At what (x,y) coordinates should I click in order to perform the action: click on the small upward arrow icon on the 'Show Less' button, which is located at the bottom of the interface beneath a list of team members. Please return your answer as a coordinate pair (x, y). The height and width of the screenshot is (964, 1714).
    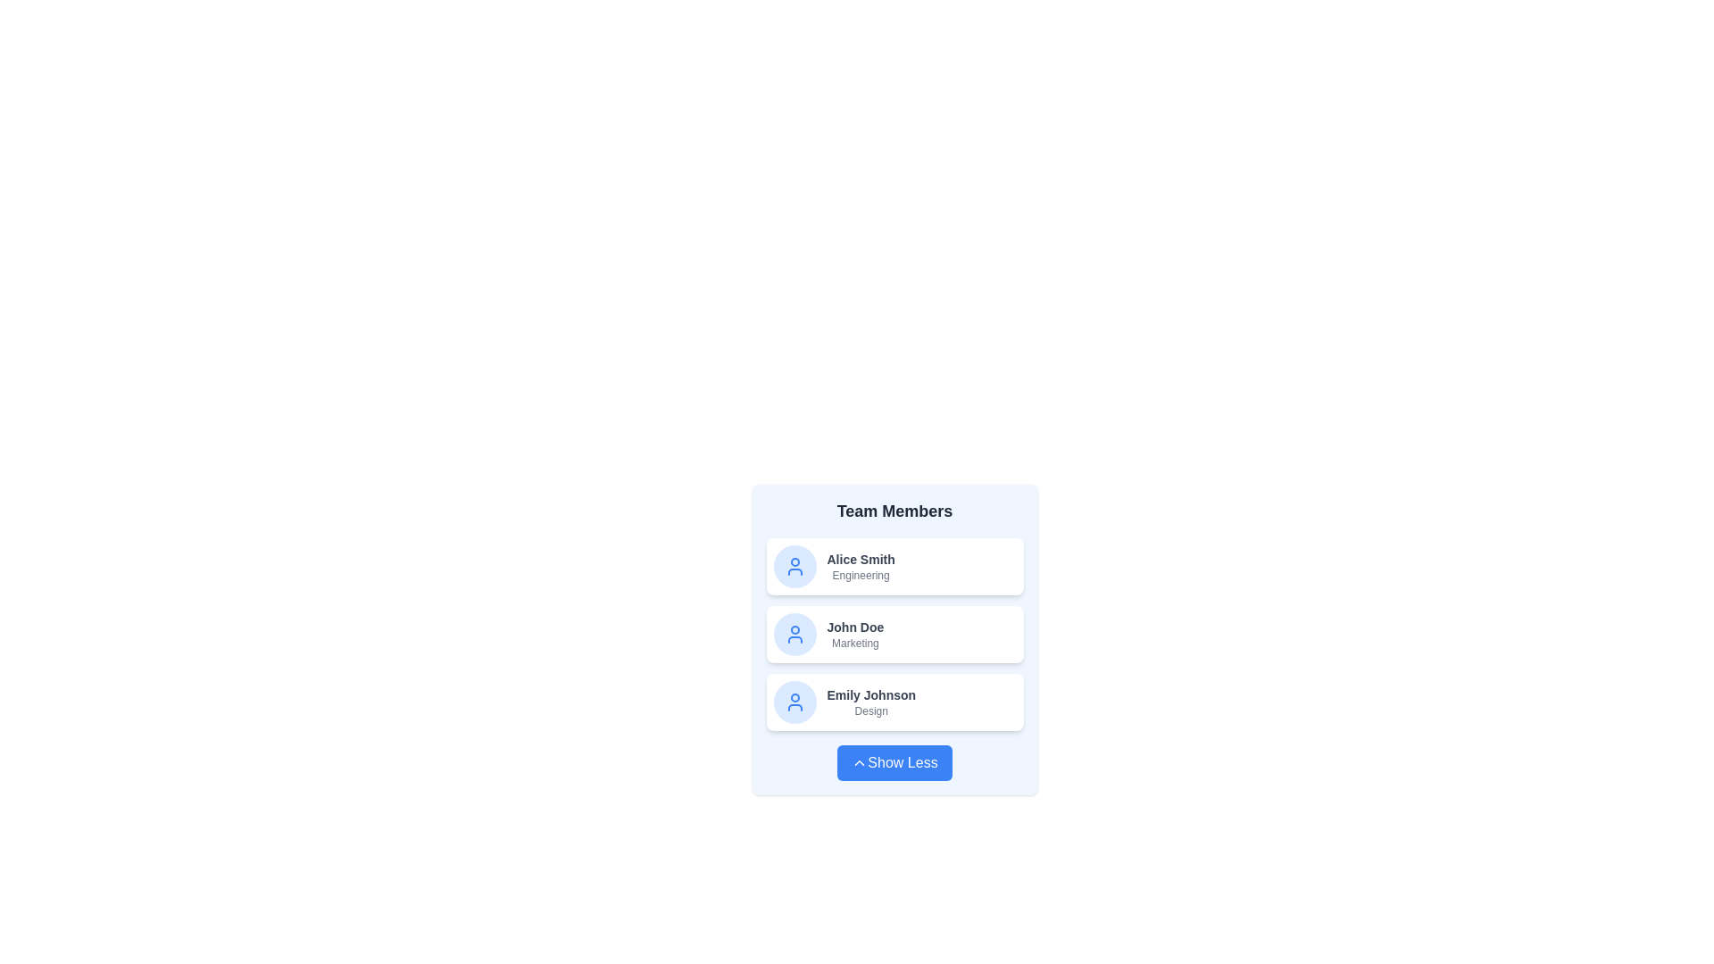
    Looking at the image, I should click on (860, 763).